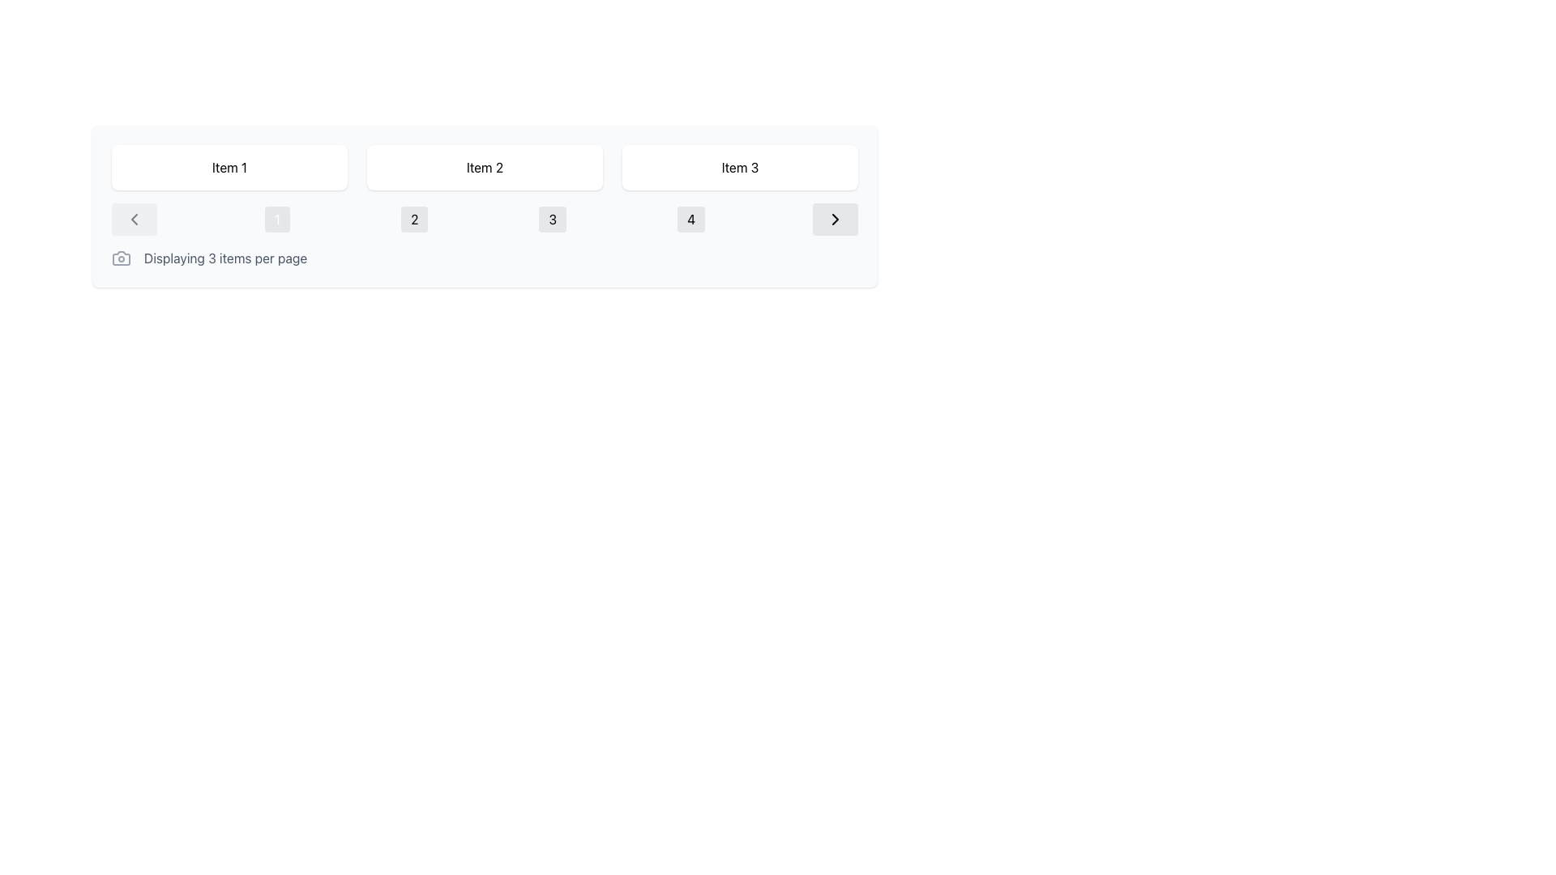 This screenshot has width=1556, height=875. What do you see at coordinates (836, 219) in the screenshot?
I see `the navigation arrow icon positioned to the far right of the pagination controls, which indicates the direction to navigate to the next set of items` at bounding box center [836, 219].